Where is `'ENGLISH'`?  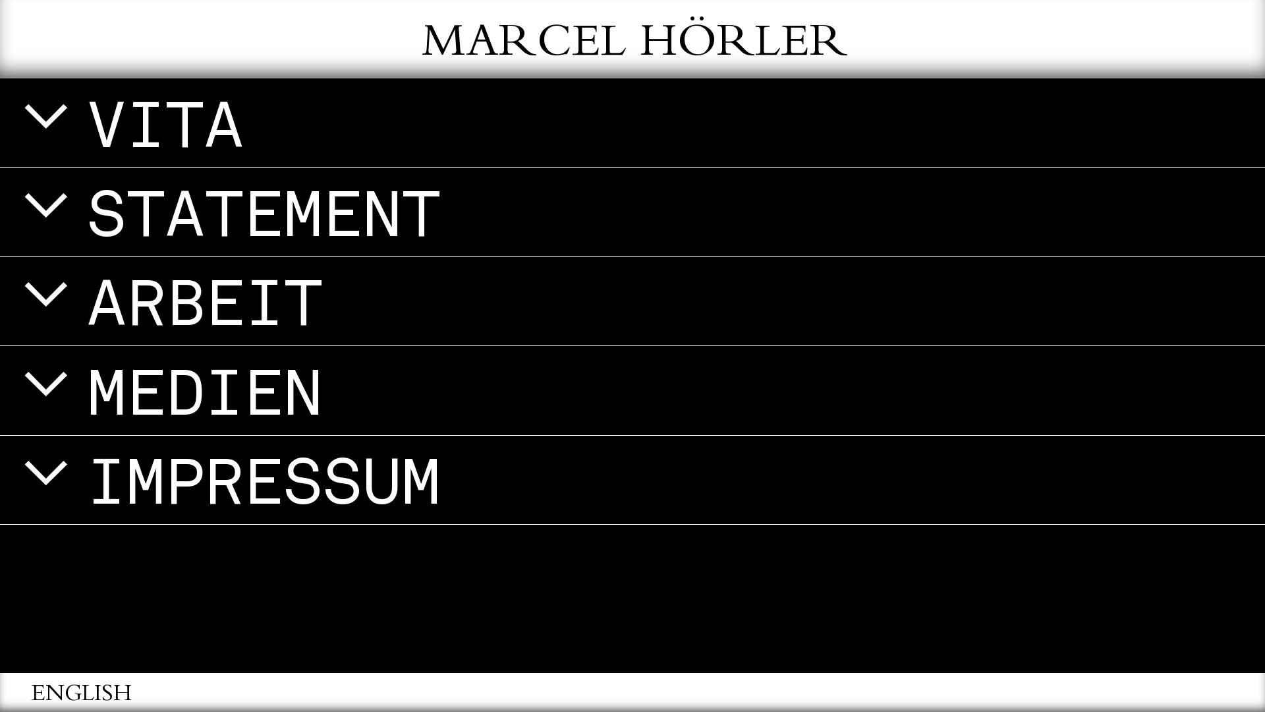
'ENGLISH' is located at coordinates (32, 696).